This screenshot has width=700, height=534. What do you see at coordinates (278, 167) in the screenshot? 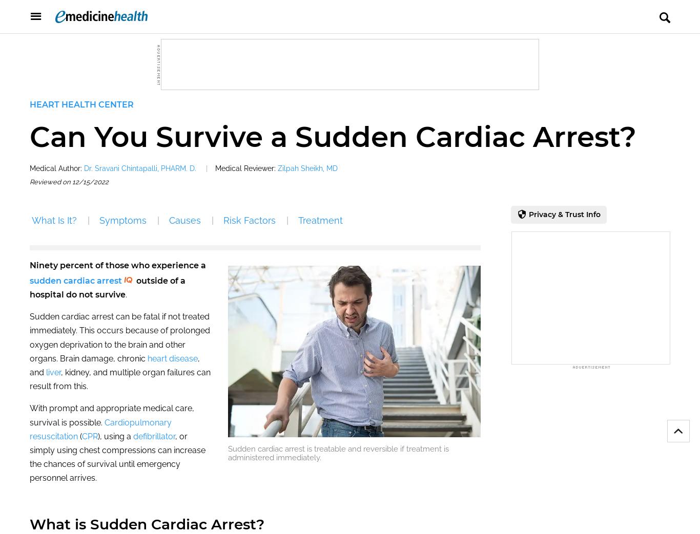
I see `'Zilpah Sheikh, MD'` at bounding box center [278, 167].